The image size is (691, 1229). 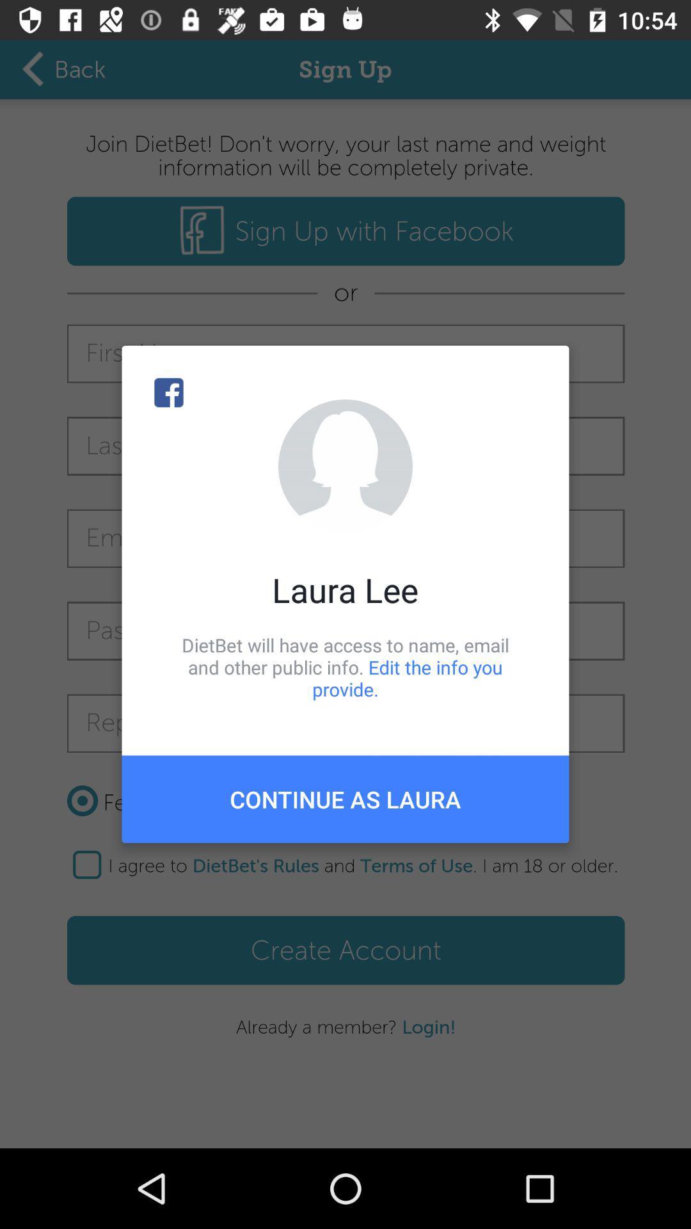 I want to click on the dietbet will have, so click(x=345, y=666).